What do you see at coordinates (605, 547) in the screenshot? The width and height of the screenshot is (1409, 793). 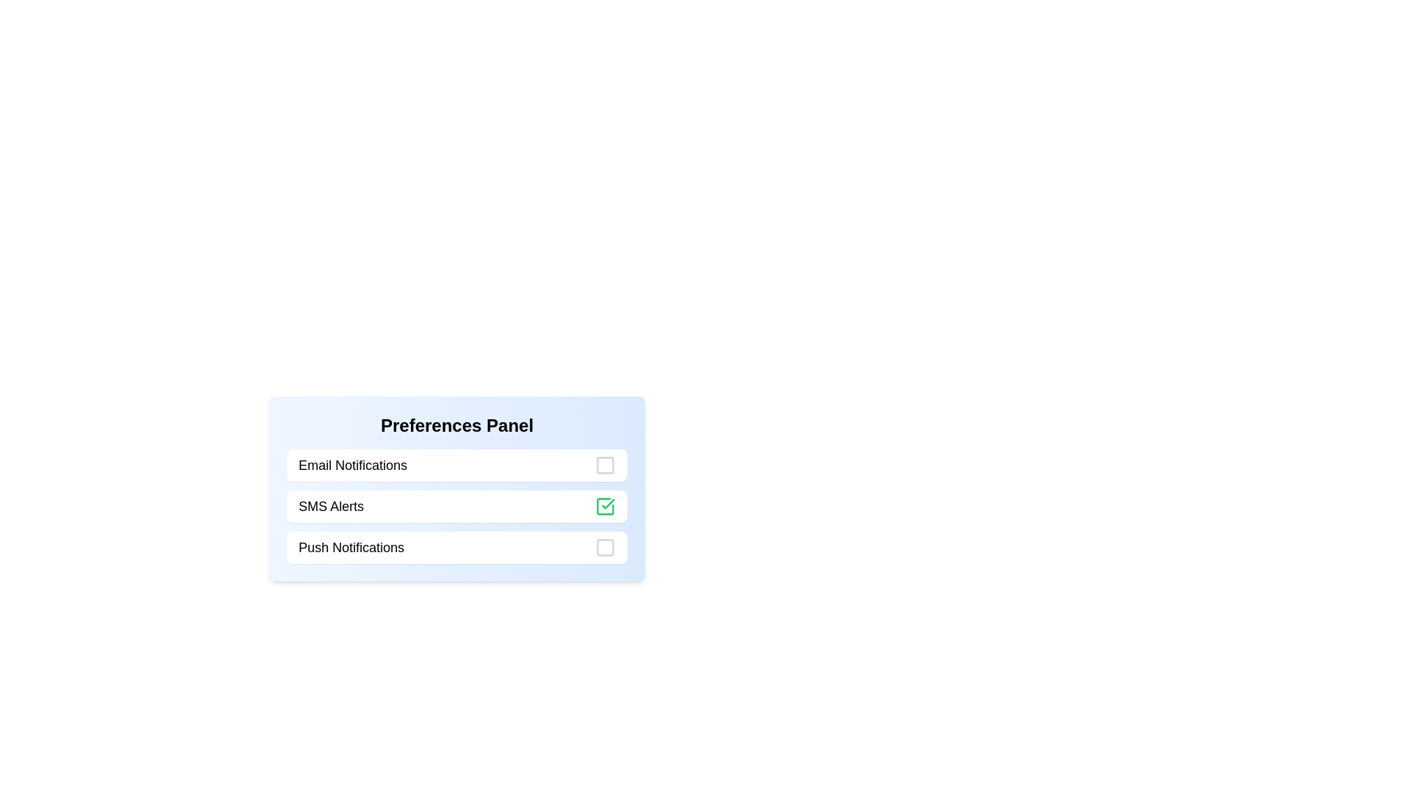 I see `the checkmark inside the checkbox for 'Push Notifications' in the third row of the 'Preferences Panel'` at bounding box center [605, 547].